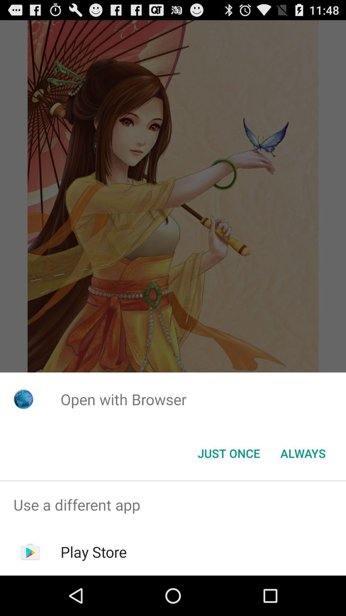 Image resolution: width=346 pixels, height=616 pixels. What do you see at coordinates (173, 504) in the screenshot?
I see `the use a different icon` at bounding box center [173, 504].